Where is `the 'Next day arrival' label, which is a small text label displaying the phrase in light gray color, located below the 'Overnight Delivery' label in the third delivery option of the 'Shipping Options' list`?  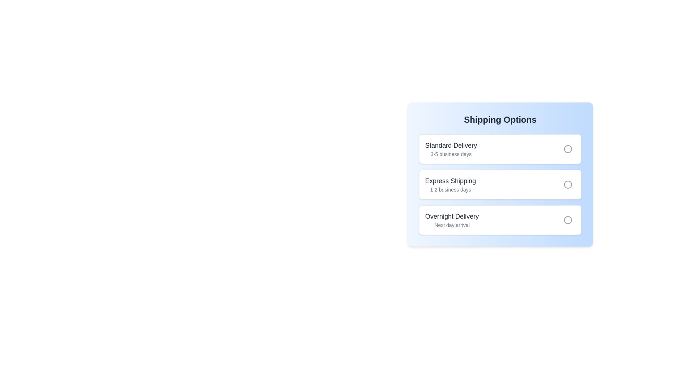
the 'Next day arrival' label, which is a small text label displaying the phrase in light gray color, located below the 'Overnight Delivery' label in the third delivery option of the 'Shipping Options' list is located at coordinates (452, 224).